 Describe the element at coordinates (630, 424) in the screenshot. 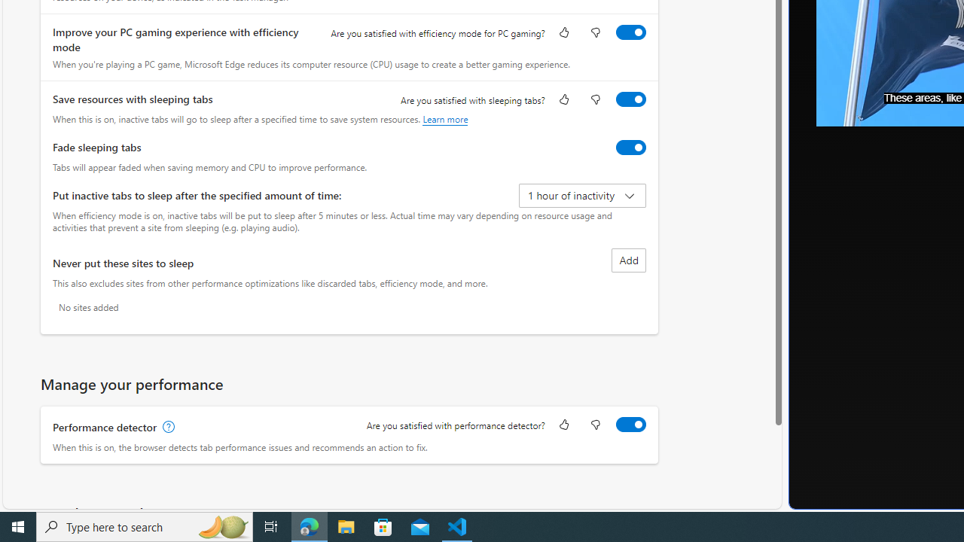

I see `'Performance detector'` at that location.